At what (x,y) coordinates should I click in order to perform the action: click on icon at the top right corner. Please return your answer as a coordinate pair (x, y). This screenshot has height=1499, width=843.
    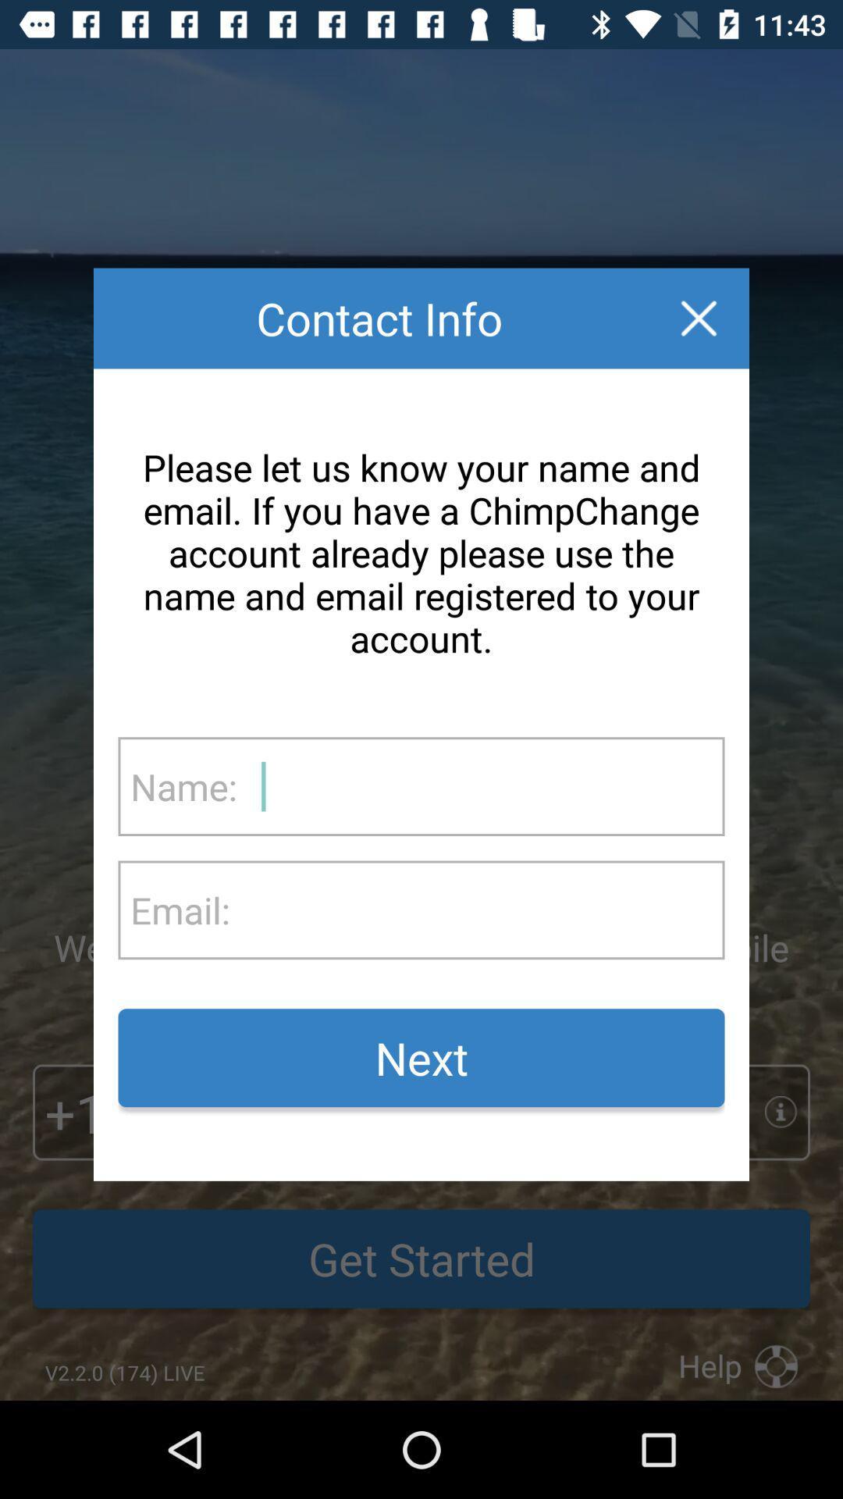
    Looking at the image, I should click on (698, 318).